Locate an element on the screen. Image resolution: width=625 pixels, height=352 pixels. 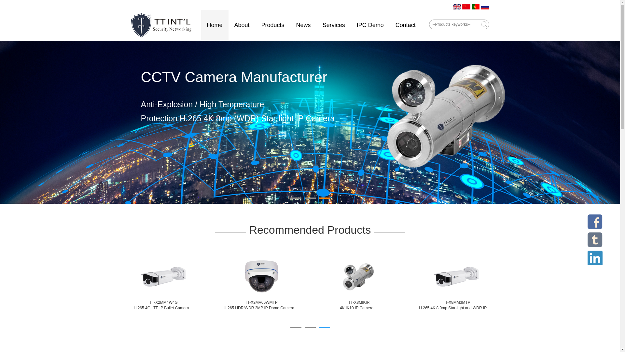
'Home' is located at coordinates (215, 25).